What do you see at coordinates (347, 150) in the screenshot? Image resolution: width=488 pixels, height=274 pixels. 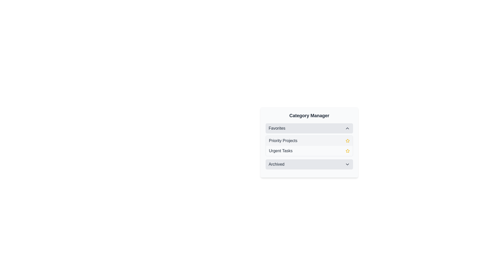 I see `the star icon located at the right end of the 'Urgent Tasks' row` at bounding box center [347, 150].